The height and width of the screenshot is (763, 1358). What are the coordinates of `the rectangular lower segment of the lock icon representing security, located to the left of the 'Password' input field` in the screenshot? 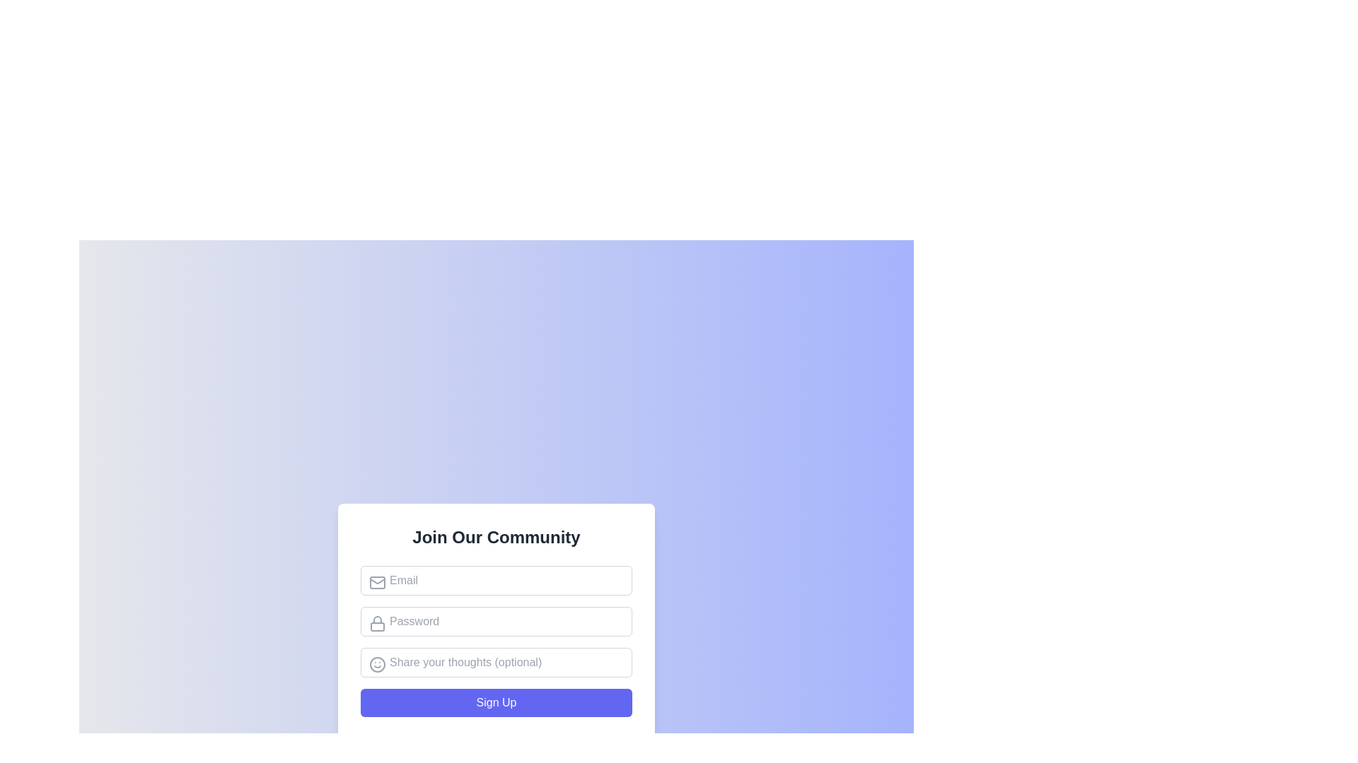 It's located at (377, 626).